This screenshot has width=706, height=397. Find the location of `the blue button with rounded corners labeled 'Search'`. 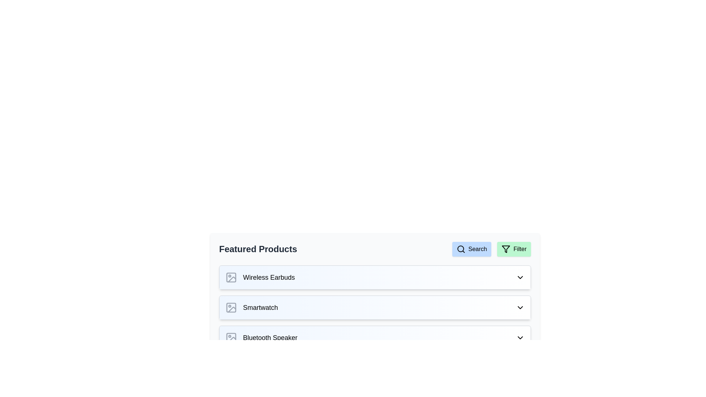

the blue button with rounded corners labeled 'Search' is located at coordinates (472, 249).